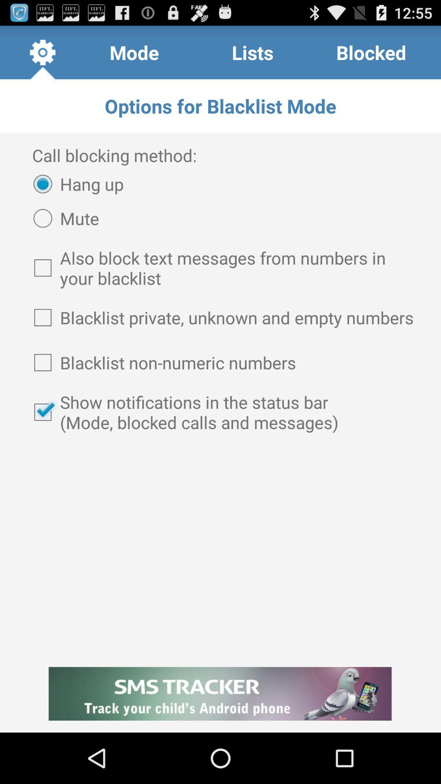 The image size is (441, 784). Describe the element at coordinates (252, 52) in the screenshot. I see `the lists icon` at that location.